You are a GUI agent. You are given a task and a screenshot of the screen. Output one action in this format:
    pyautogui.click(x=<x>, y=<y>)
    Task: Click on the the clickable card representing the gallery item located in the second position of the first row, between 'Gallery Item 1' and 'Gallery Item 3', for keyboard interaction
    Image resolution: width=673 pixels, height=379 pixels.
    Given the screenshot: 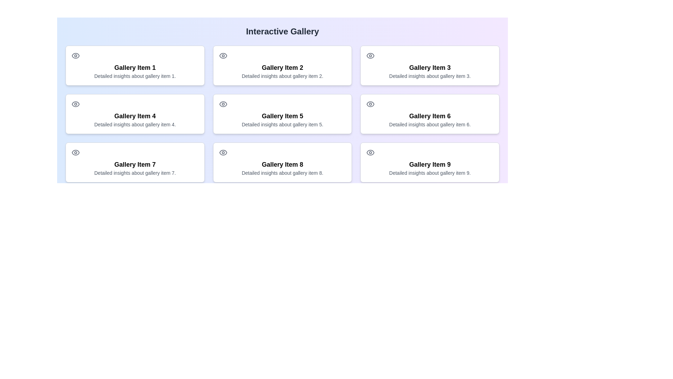 What is the action you would take?
    pyautogui.click(x=283, y=65)
    